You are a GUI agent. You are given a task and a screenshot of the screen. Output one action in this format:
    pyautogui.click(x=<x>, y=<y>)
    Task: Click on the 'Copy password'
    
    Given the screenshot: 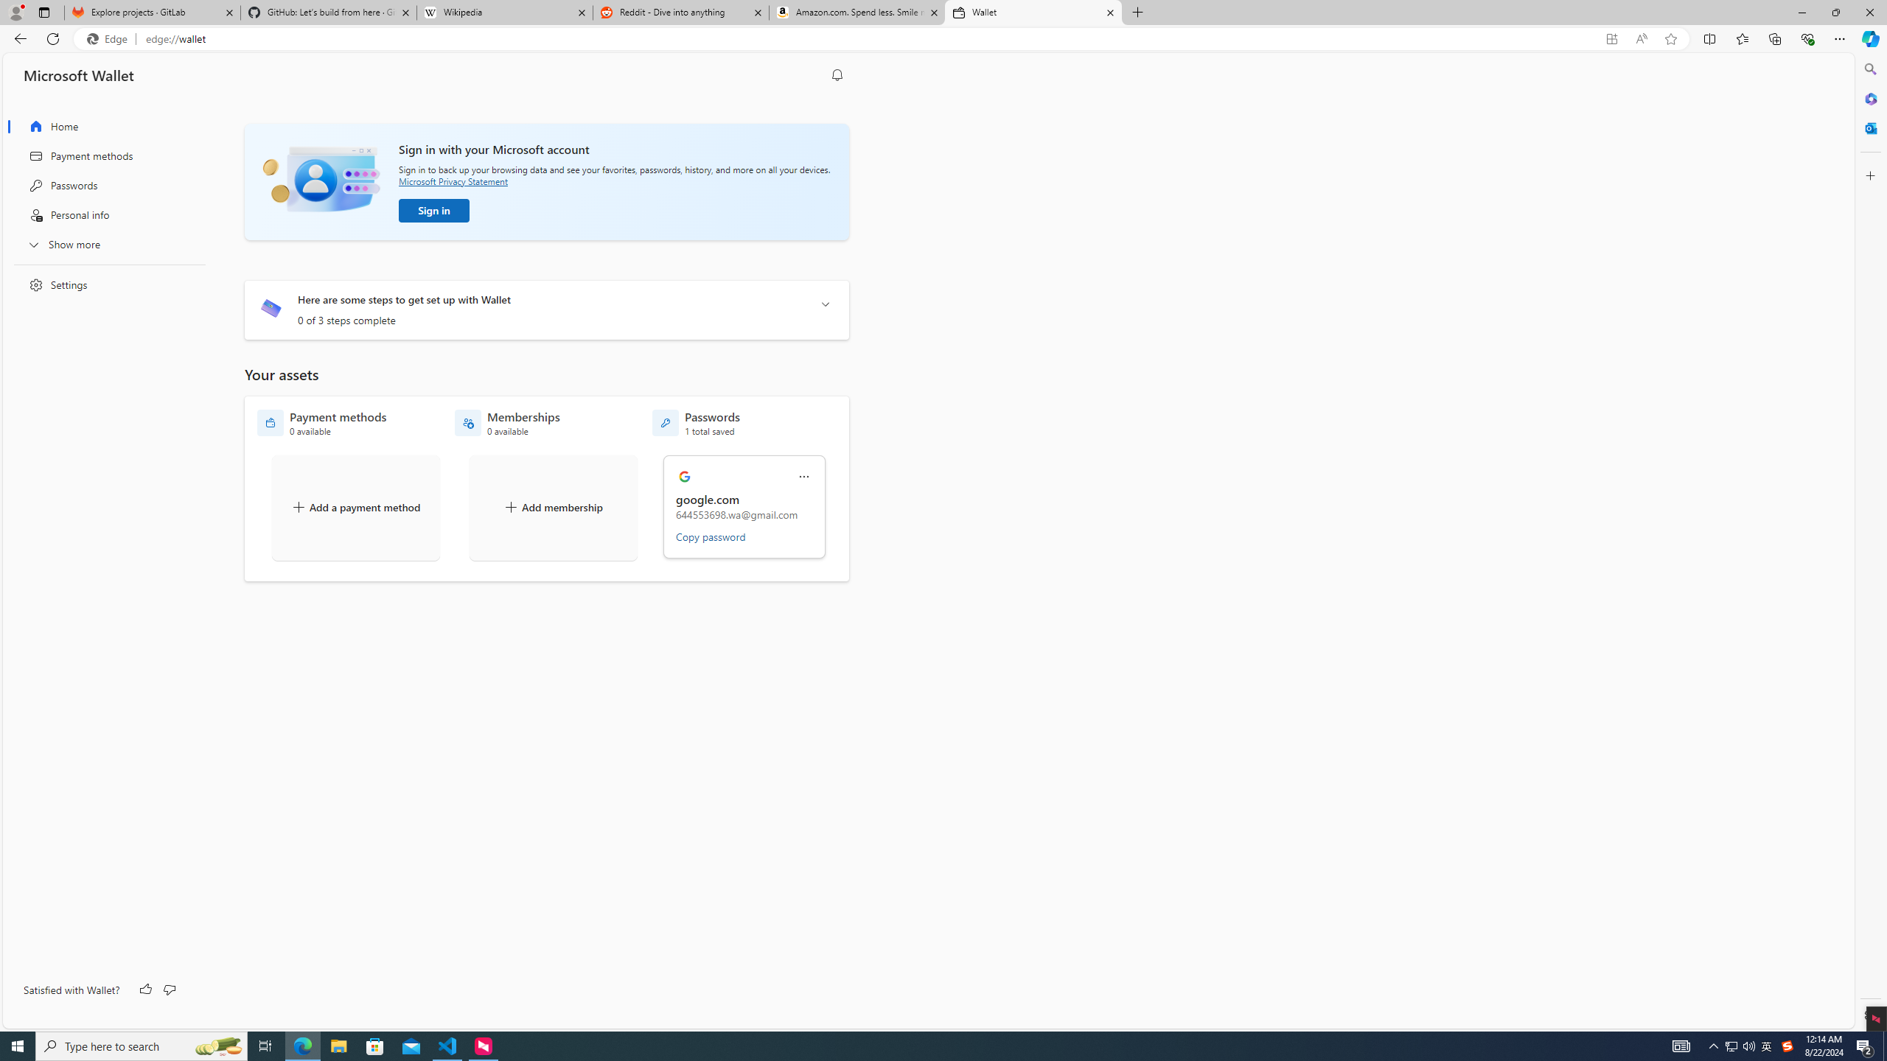 What is the action you would take?
    pyautogui.click(x=709, y=536)
    